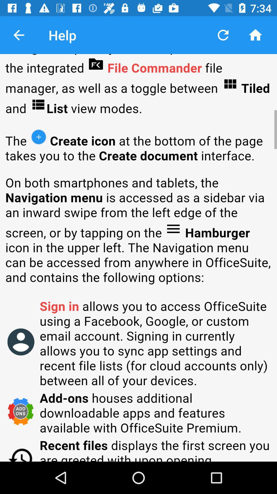  Describe the element at coordinates (18, 35) in the screenshot. I see `previous` at that location.